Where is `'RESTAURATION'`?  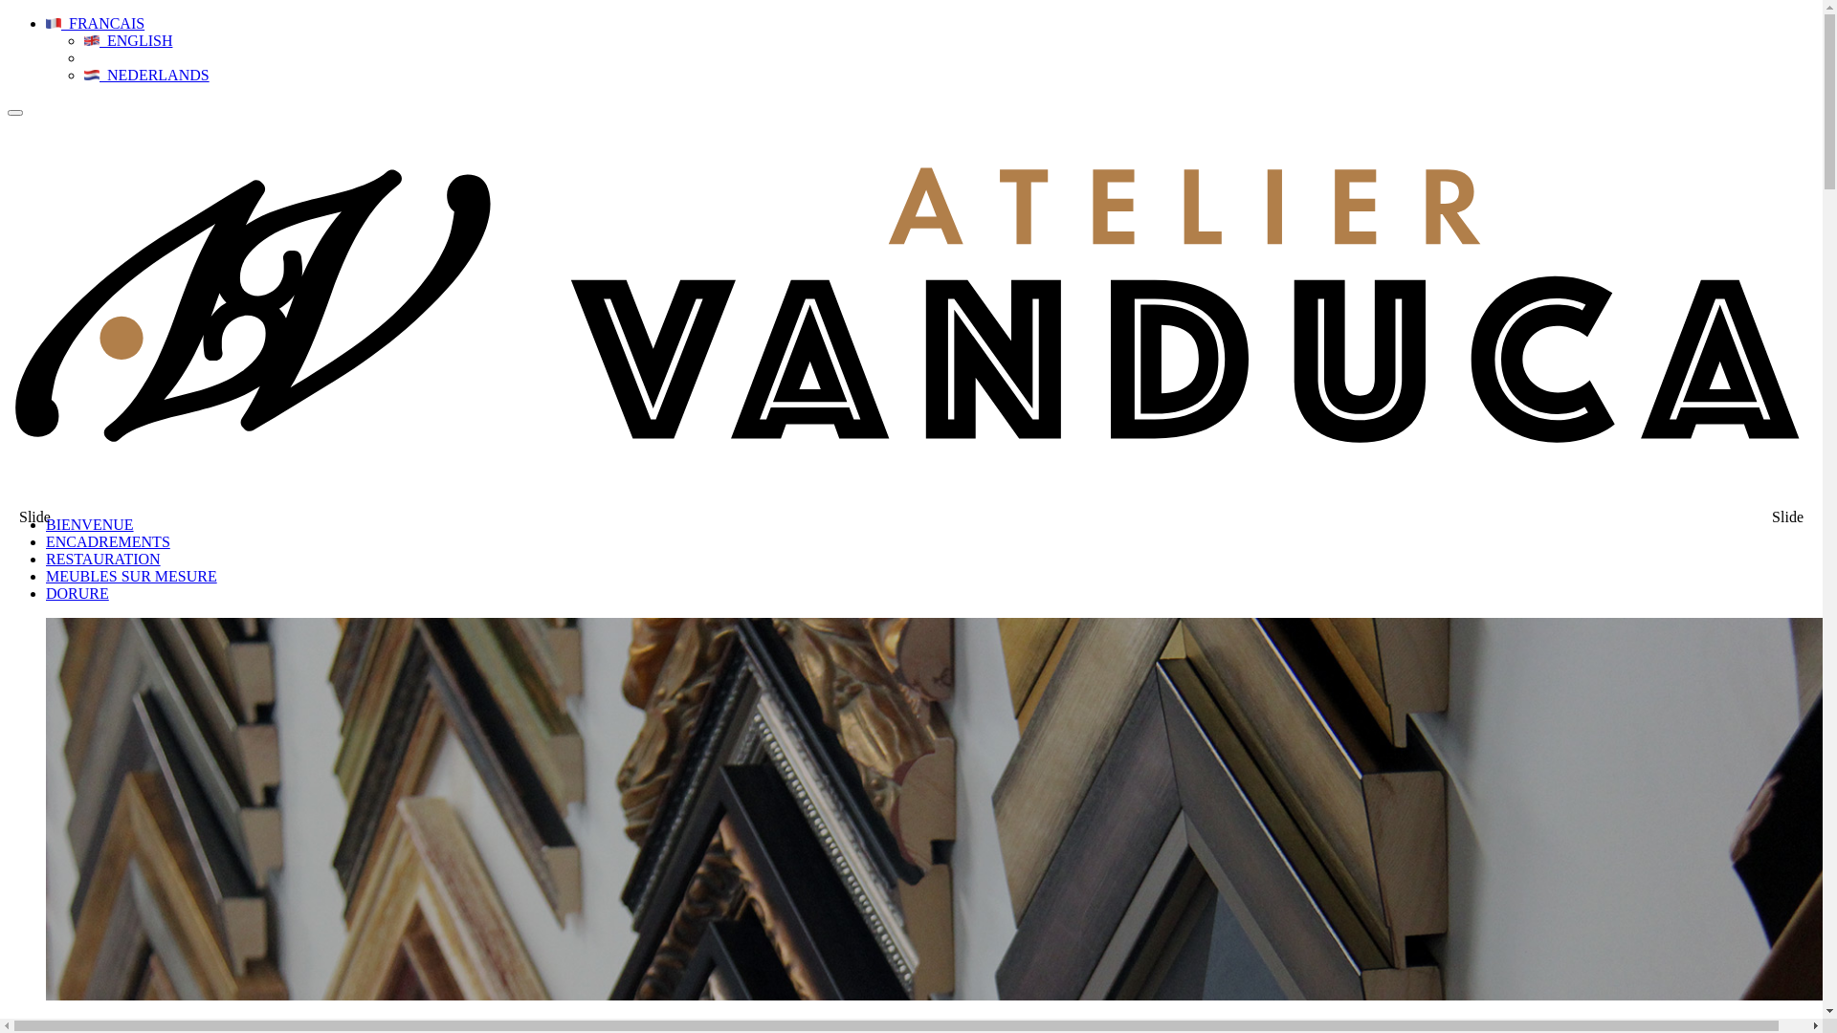 'RESTAURATION' is located at coordinates (46, 559).